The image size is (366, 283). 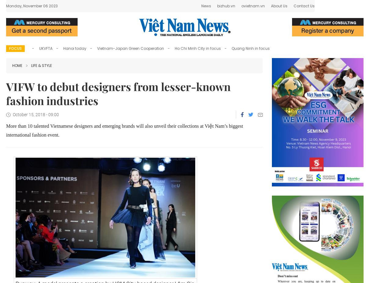 I want to click on 'The HCM City General Sciences Library has opened a new reading room serving young readers aged between five and 18.', so click(x=93, y=156).